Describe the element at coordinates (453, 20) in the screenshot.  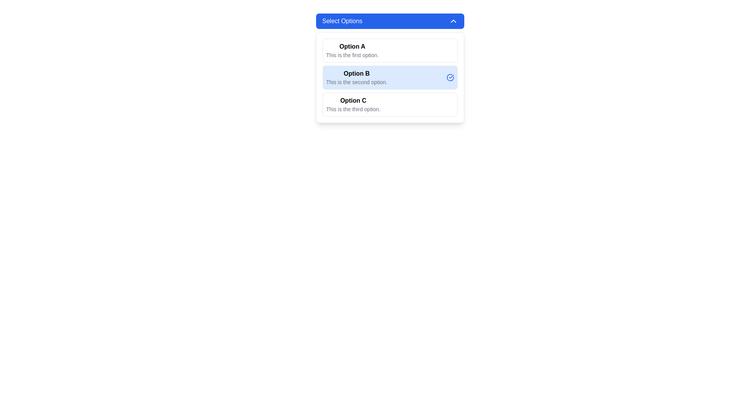
I see `the SVG Icon located at the upper-right corner of the 'Select Options' header` at that location.